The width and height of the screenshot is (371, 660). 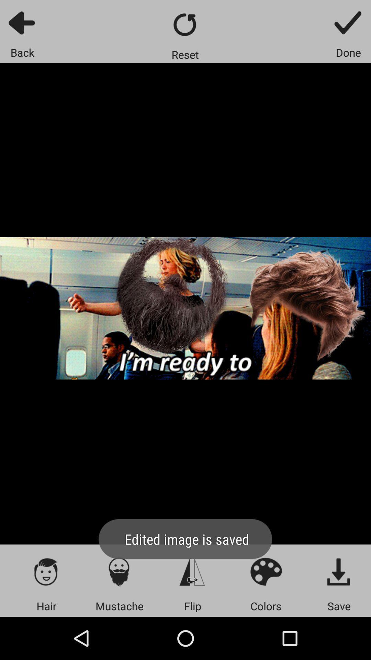 I want to click on indicate finish, so click(x=348, y=22).